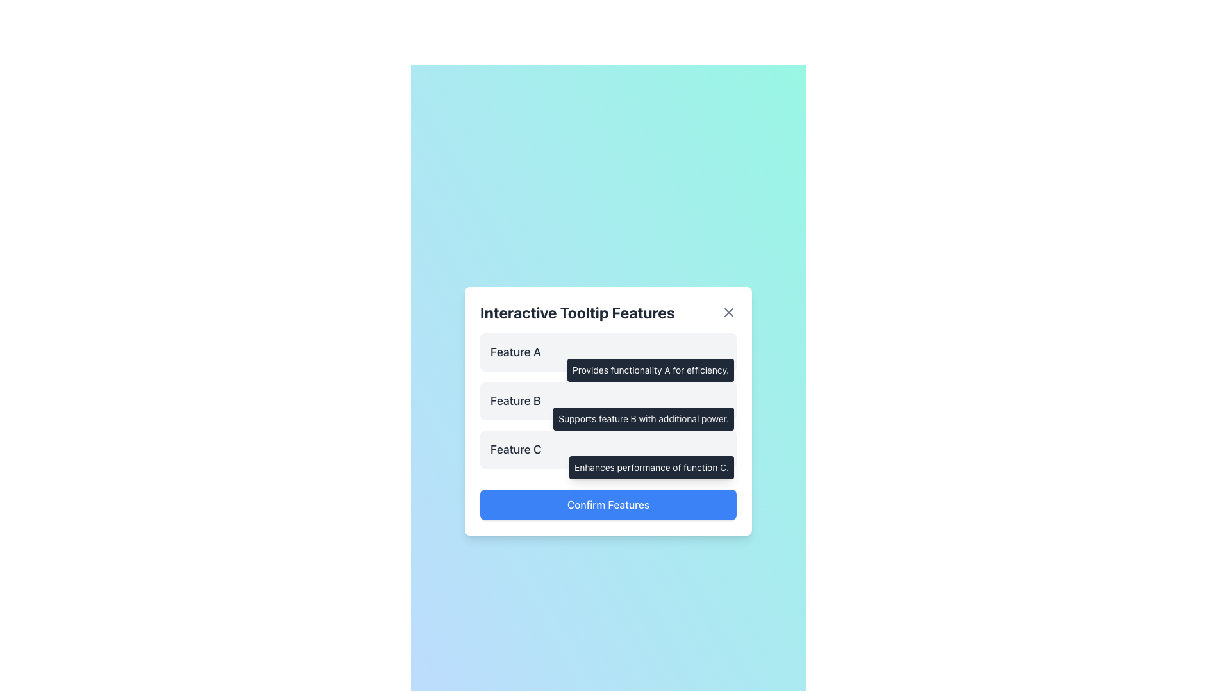  Describe the element at coordinates (651, 370) in the screenshot. I see `the tooltip providing additional descriptive information about 'Feature A' located near the upper-right of the 'Feature A' label in the interactive tooltip features dialog` at that location.